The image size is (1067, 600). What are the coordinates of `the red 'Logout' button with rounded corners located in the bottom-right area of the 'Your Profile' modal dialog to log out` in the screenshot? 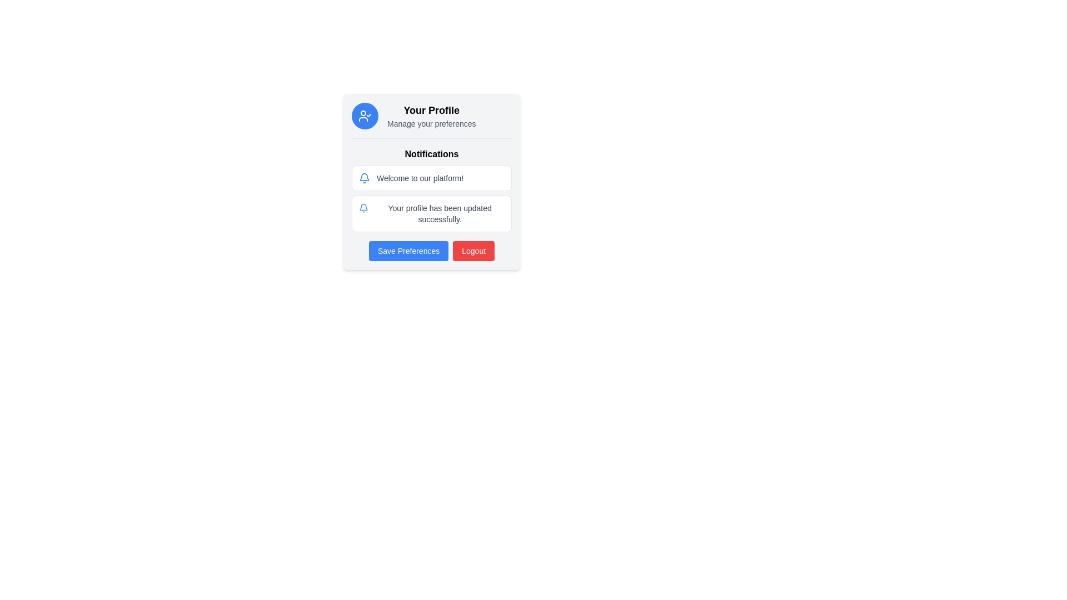 It's located at (473, 251).